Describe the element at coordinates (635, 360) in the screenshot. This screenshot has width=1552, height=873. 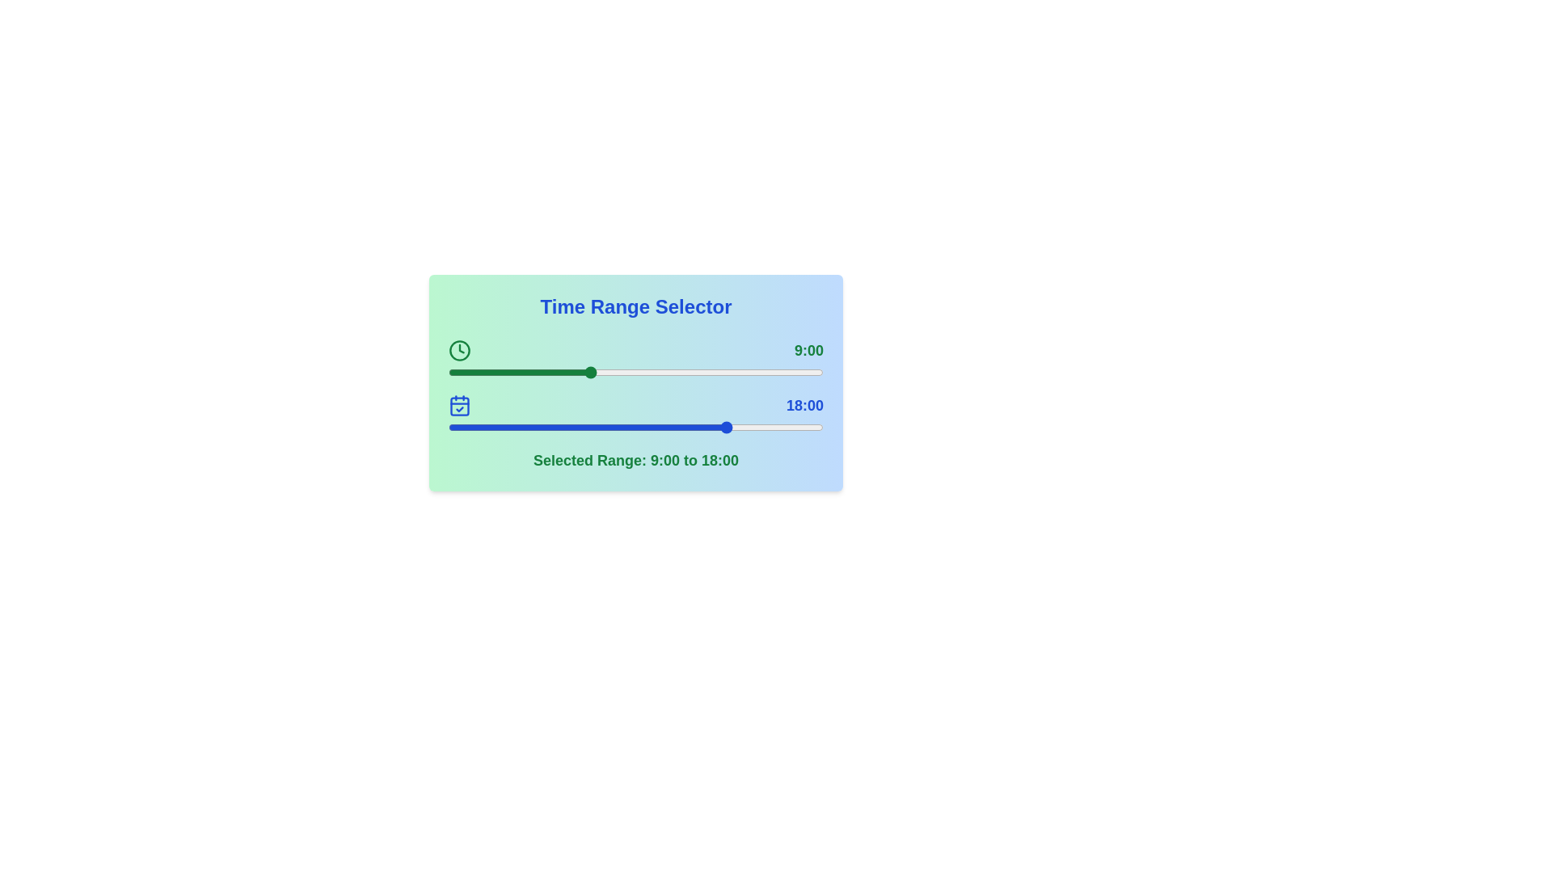
I see `the slider located between the left-aligned clock icon and the right-aligned '9:00' label` at that location.